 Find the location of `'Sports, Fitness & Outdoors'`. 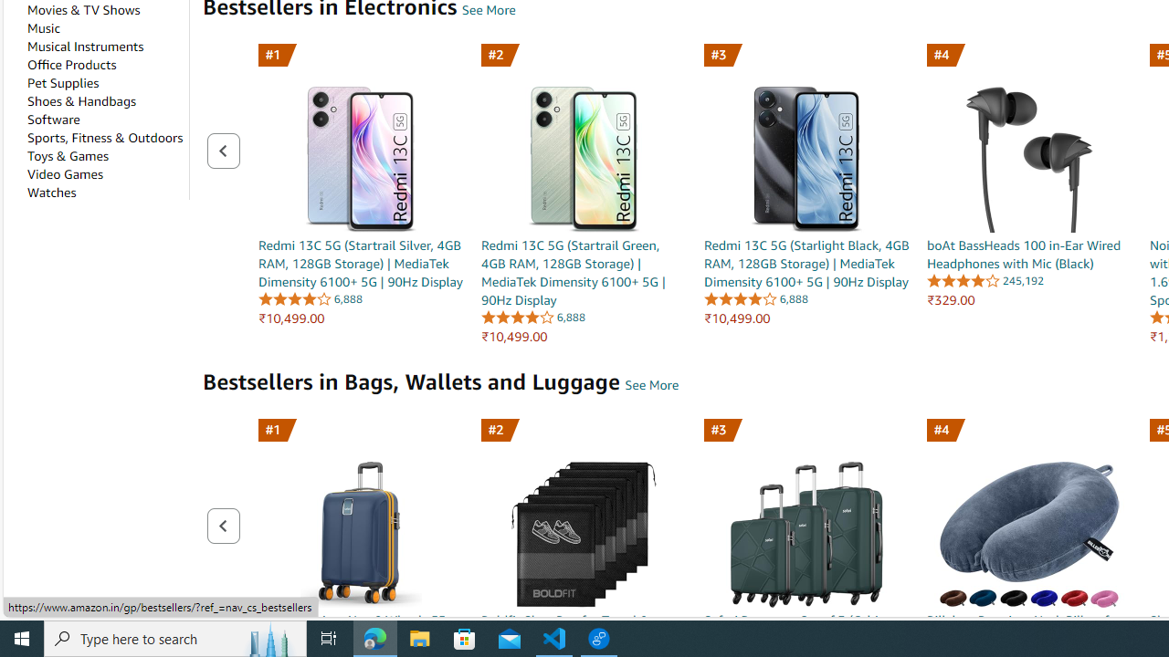

'Sports, Fitness & Outdoors' is located at coordinates (104, 136).